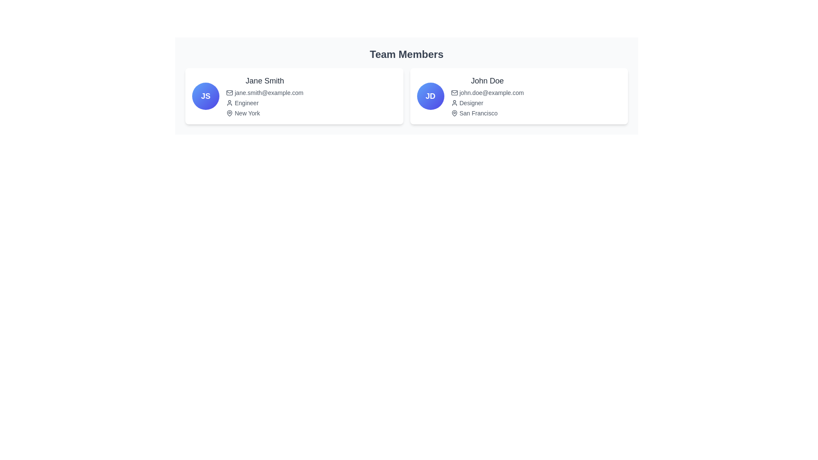  What do you see at coordinates (454, 113) in the screenshot?
I see `the geographical location icon representing 'San Francisco' in the bottom right region of the second profile card for 'John Doe' in the 'Team Members' section` at bounding box center [454, 113].